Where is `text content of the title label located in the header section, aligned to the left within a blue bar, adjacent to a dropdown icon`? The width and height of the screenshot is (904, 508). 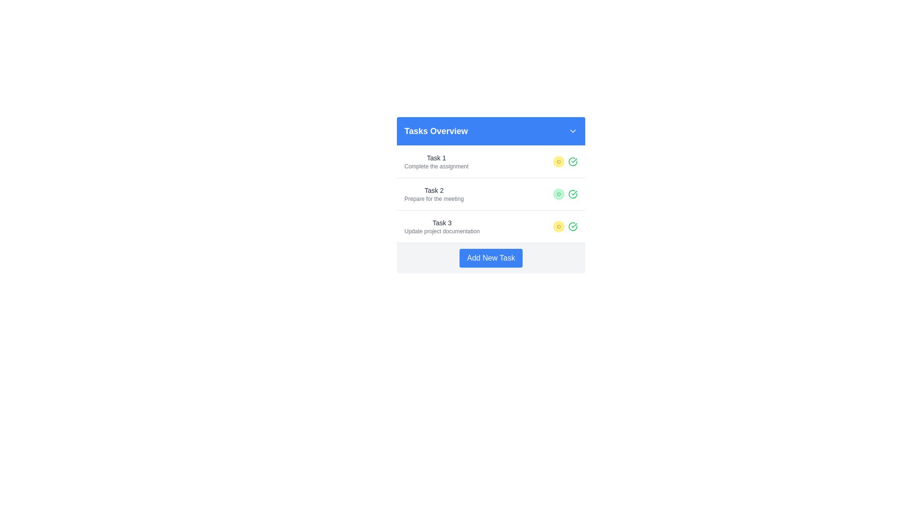
text content of the title label located in the header section, aligned to the left within a blue bar, adjacent to a dropdown icon is located at coordinates (436, 131).